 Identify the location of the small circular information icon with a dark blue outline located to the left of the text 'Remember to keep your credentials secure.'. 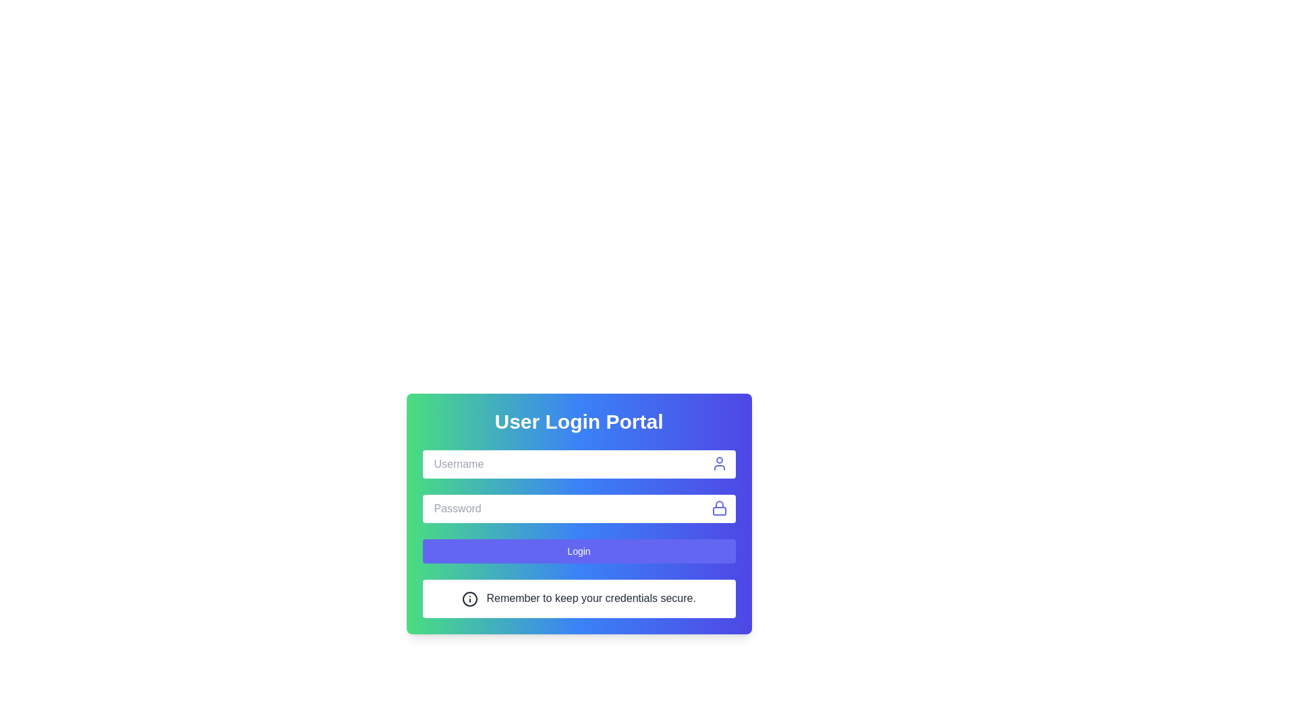
(470, 598).